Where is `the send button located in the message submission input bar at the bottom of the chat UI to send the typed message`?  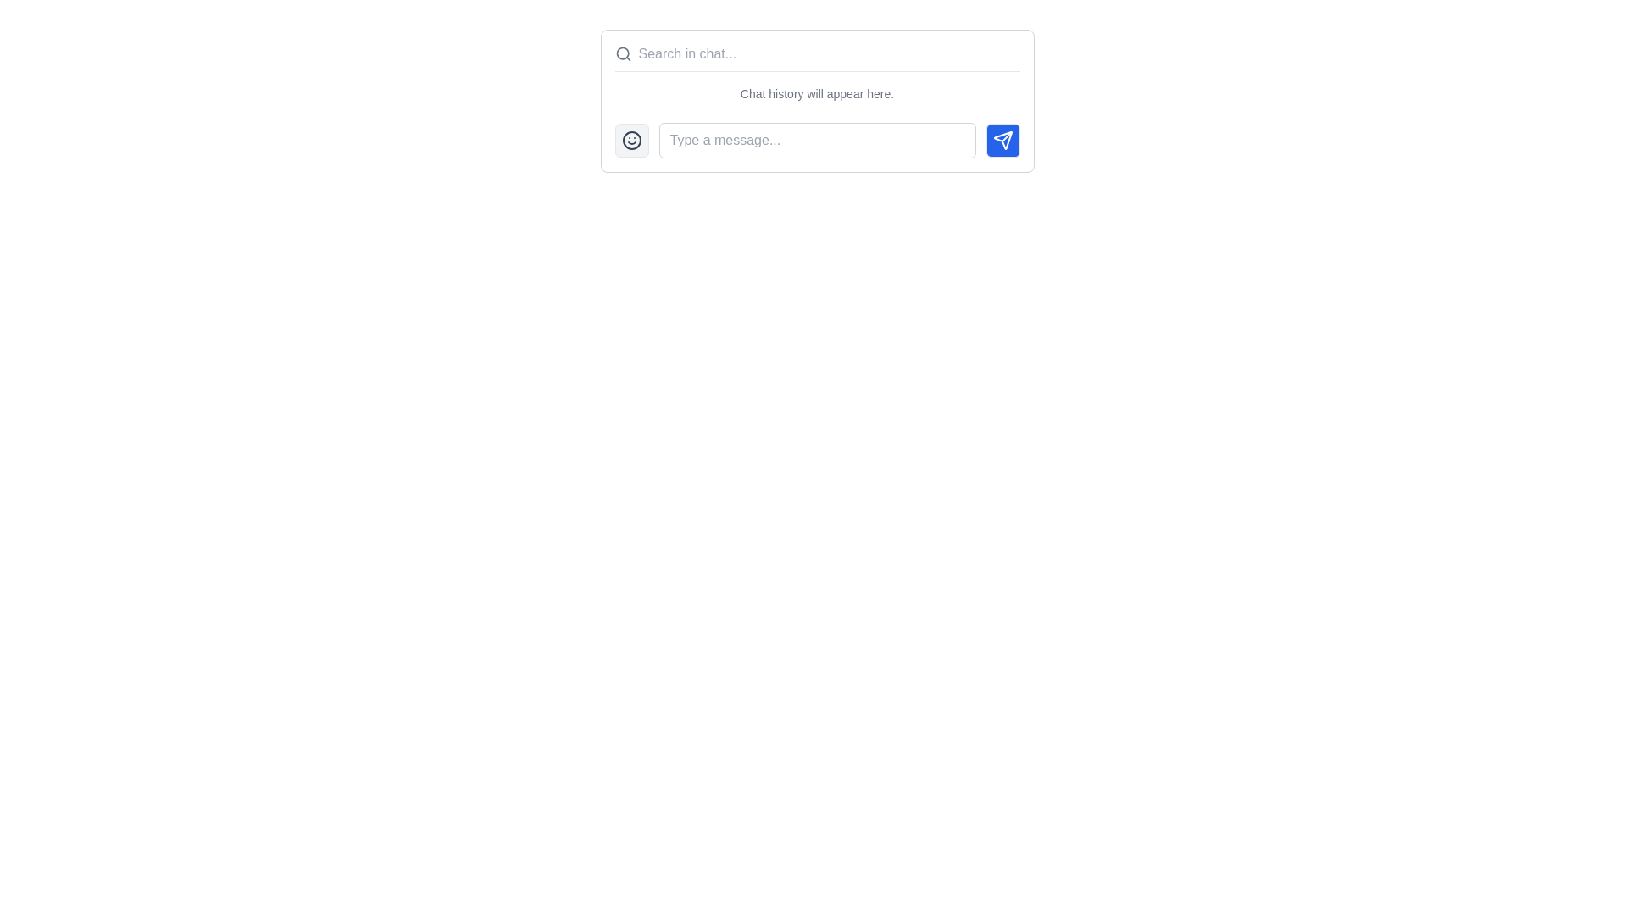 the send button located in the message submission input bar at the bottom of the chat UI to send the typed message is located at coordinates (817, 139).